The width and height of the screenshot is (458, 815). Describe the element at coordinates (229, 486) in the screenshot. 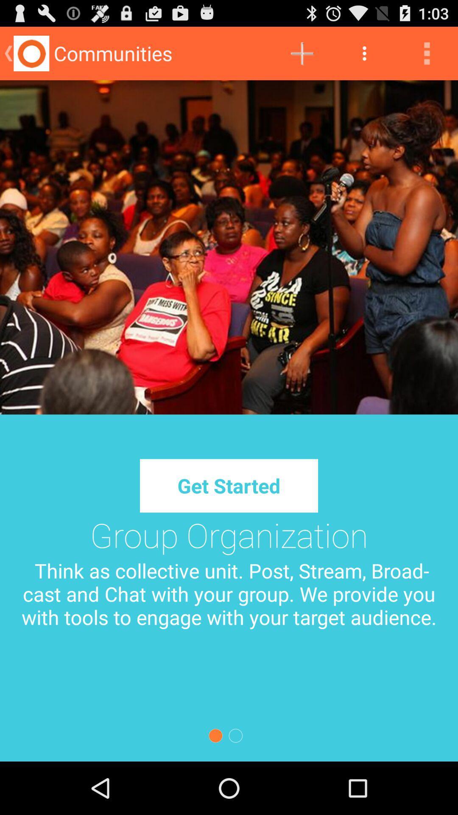

I see `item above the group organization` at that location.